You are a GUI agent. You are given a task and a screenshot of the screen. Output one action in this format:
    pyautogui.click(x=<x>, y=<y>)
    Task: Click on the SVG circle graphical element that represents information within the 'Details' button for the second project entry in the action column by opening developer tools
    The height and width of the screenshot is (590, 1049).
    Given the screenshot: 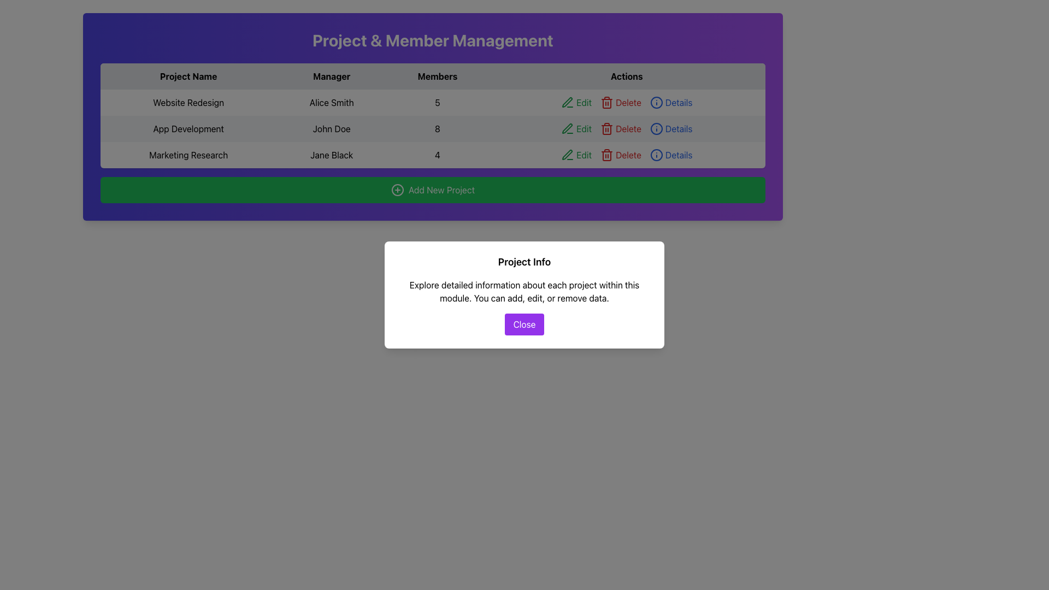 What is the action you would take?
    pyautogui.click(x=656, y=128)
    